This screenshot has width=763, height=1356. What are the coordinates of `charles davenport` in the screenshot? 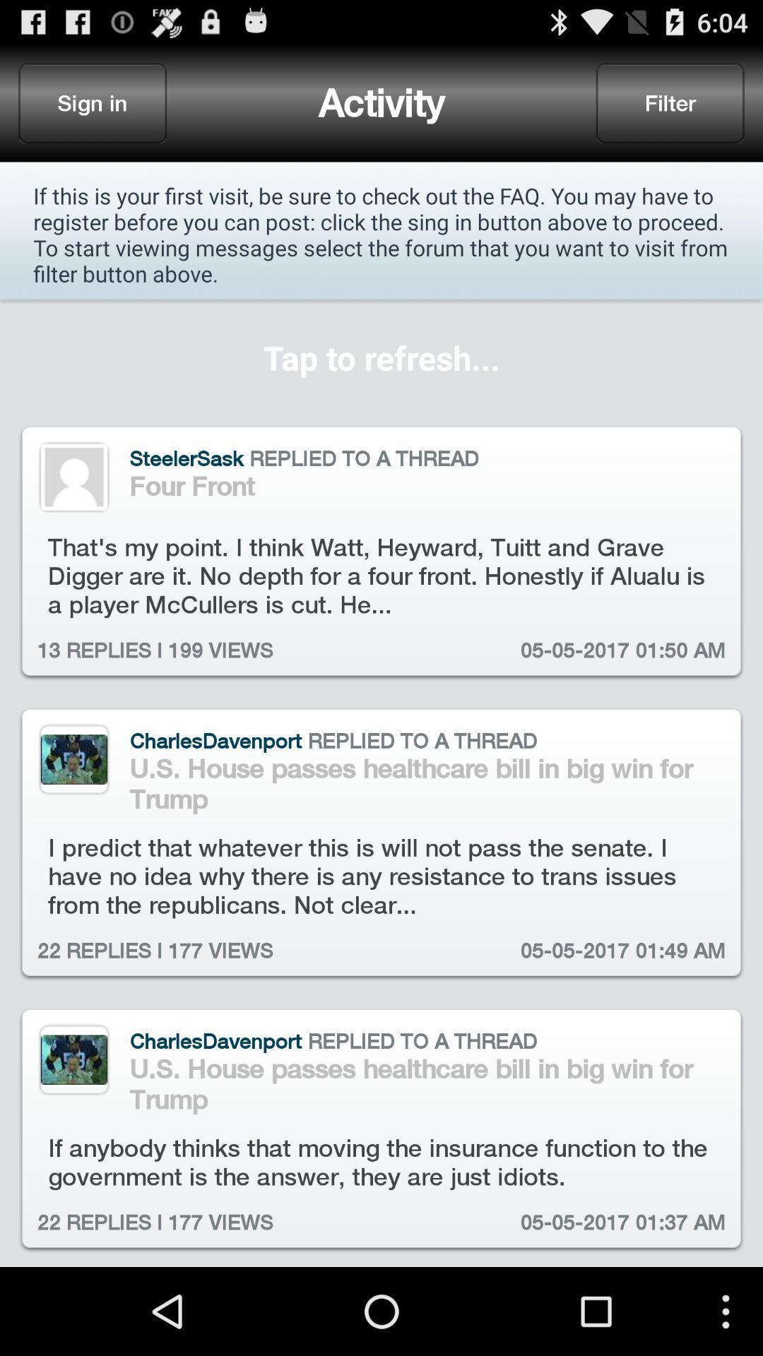 It's located at (73, 1059).